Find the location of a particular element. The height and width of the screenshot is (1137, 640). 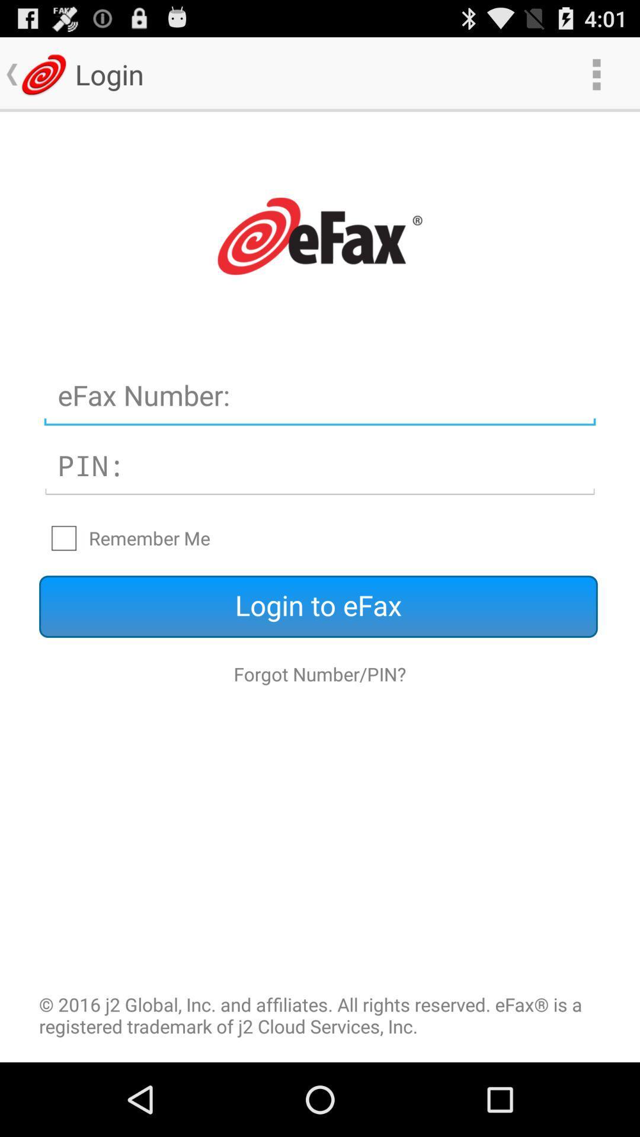

item at the top right corner is located at coordinates (596, 73).